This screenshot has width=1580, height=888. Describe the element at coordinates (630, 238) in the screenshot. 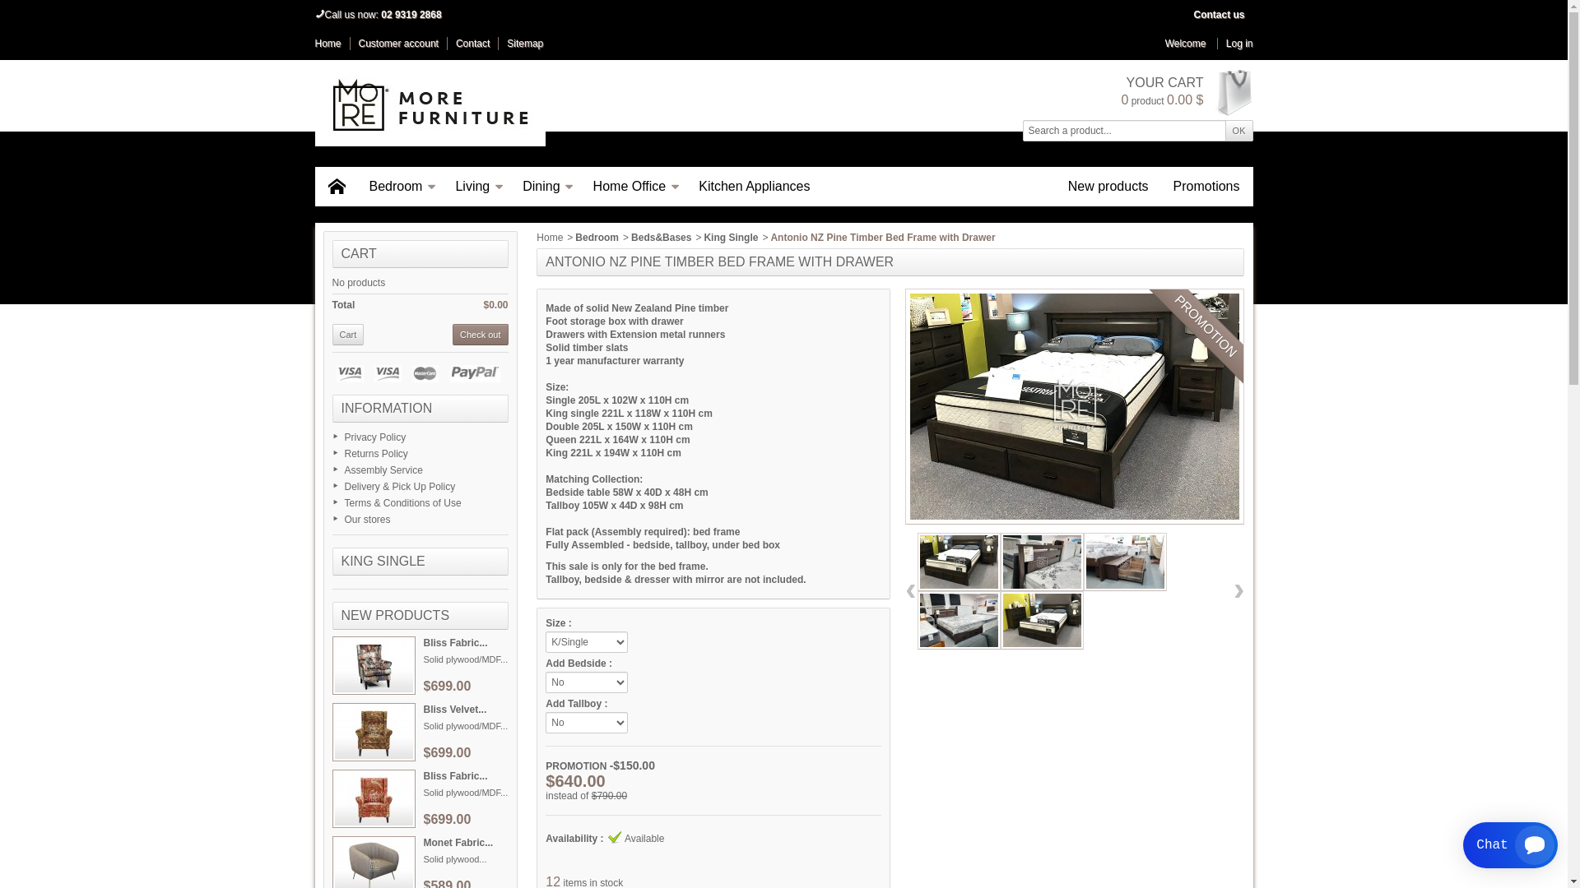

I see `'Beds&Bases'` at that location.